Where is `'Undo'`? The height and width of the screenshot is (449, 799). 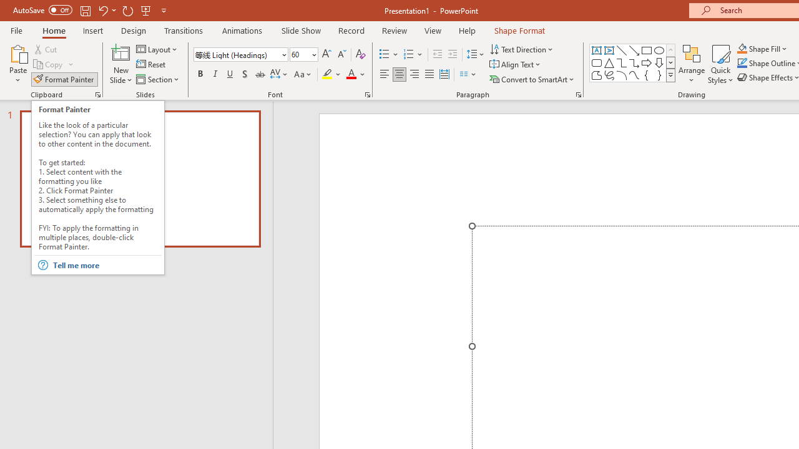
'Undo' is located at coordinates (102, 10).